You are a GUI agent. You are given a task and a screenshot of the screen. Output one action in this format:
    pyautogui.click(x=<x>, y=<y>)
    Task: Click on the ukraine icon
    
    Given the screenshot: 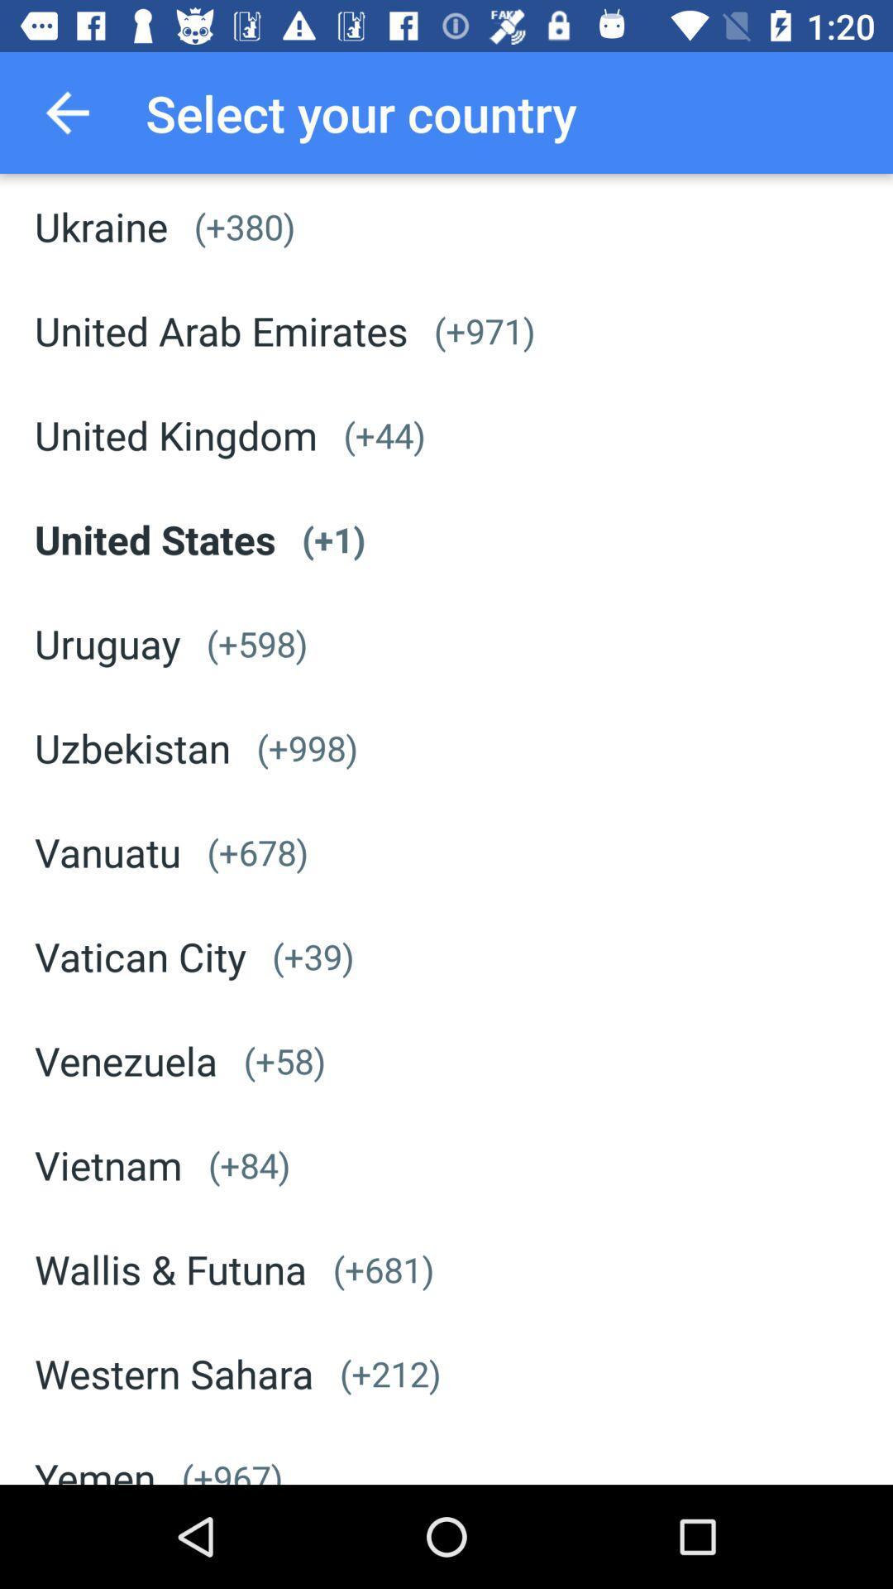 What is the action you would take?
    pyautogui.click(x=101, y=225)
    